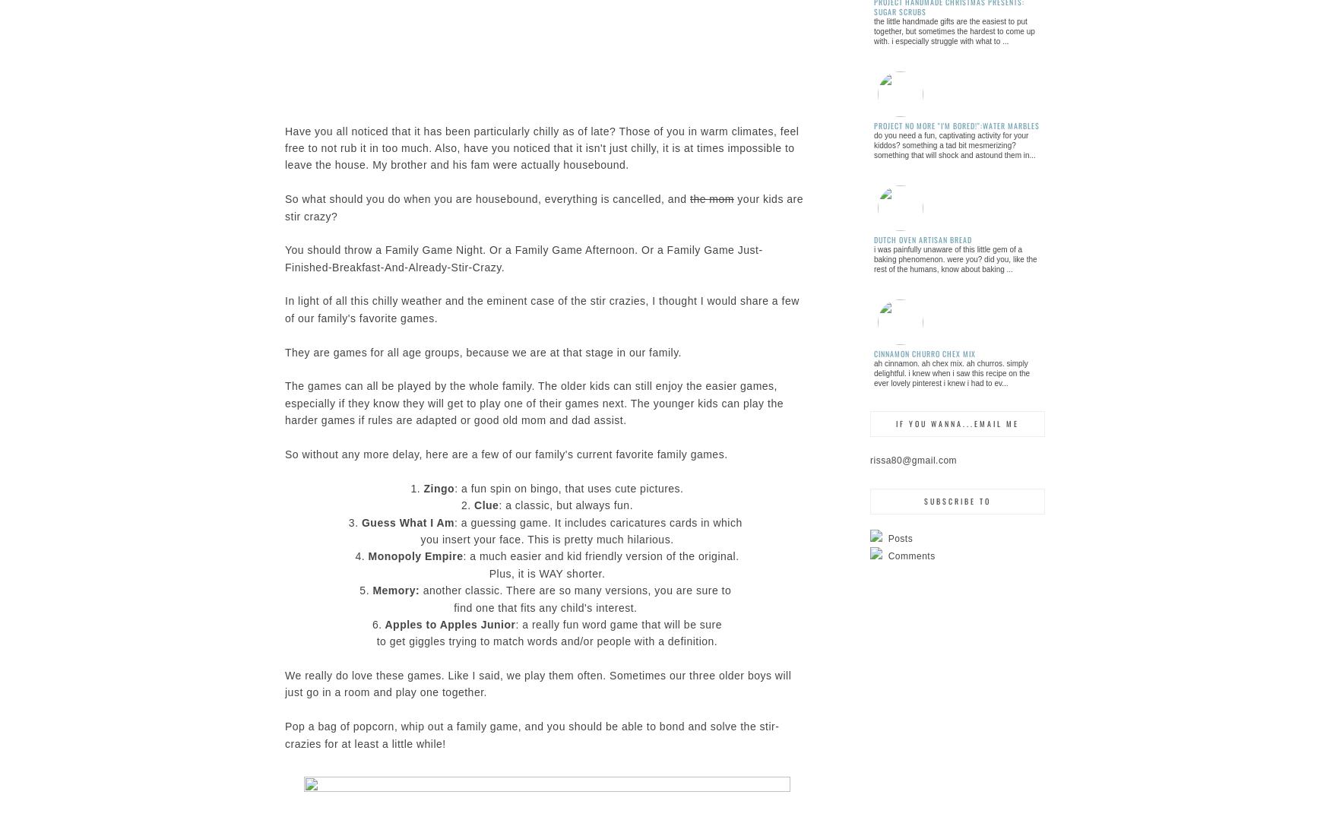 The image size is (1330, 820). I want to click on '3.', so click(354, 521).